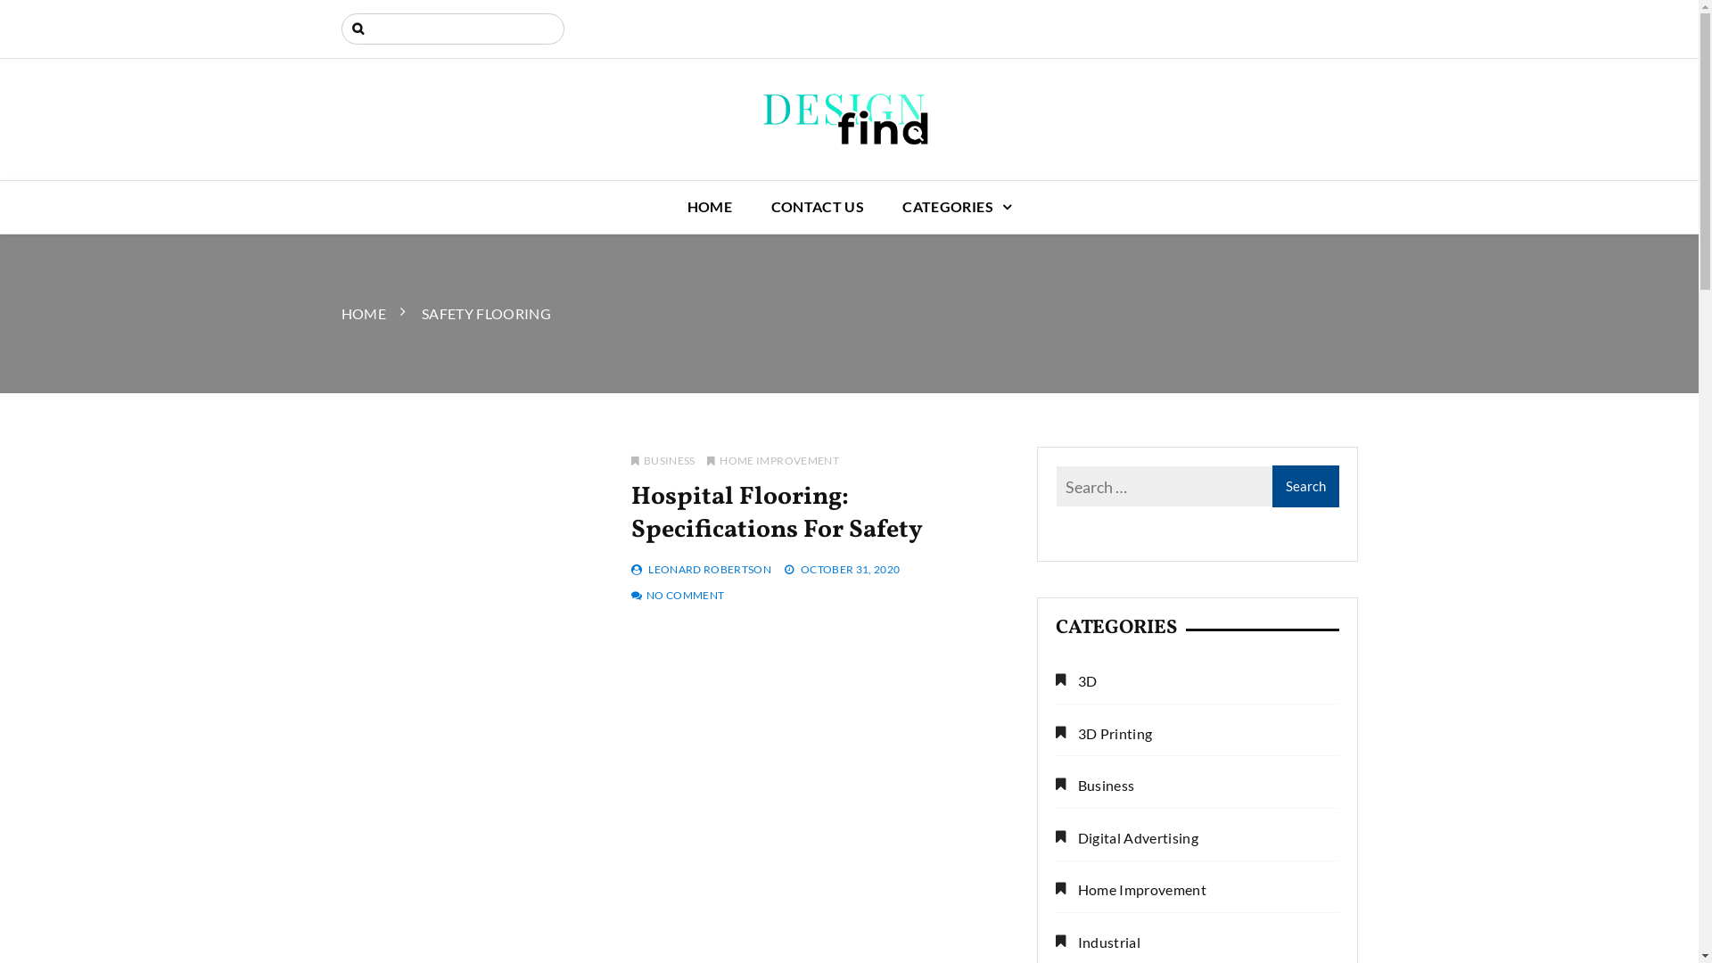 This screenshot has height=963, width=1712. I want to click on 'NO COMMENT', so click(684, 595).